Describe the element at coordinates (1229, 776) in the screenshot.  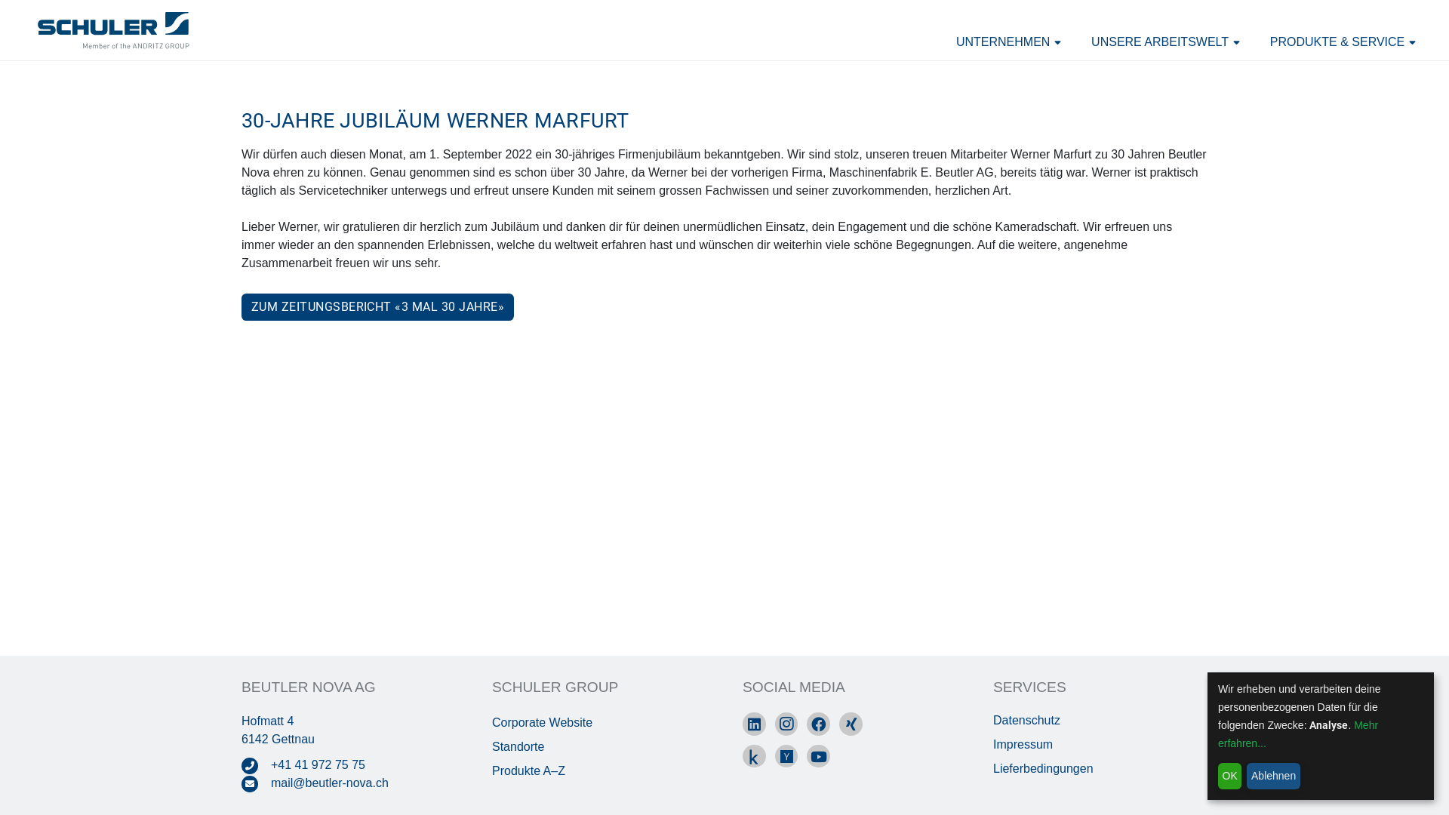
I see `'OK'` at that location.